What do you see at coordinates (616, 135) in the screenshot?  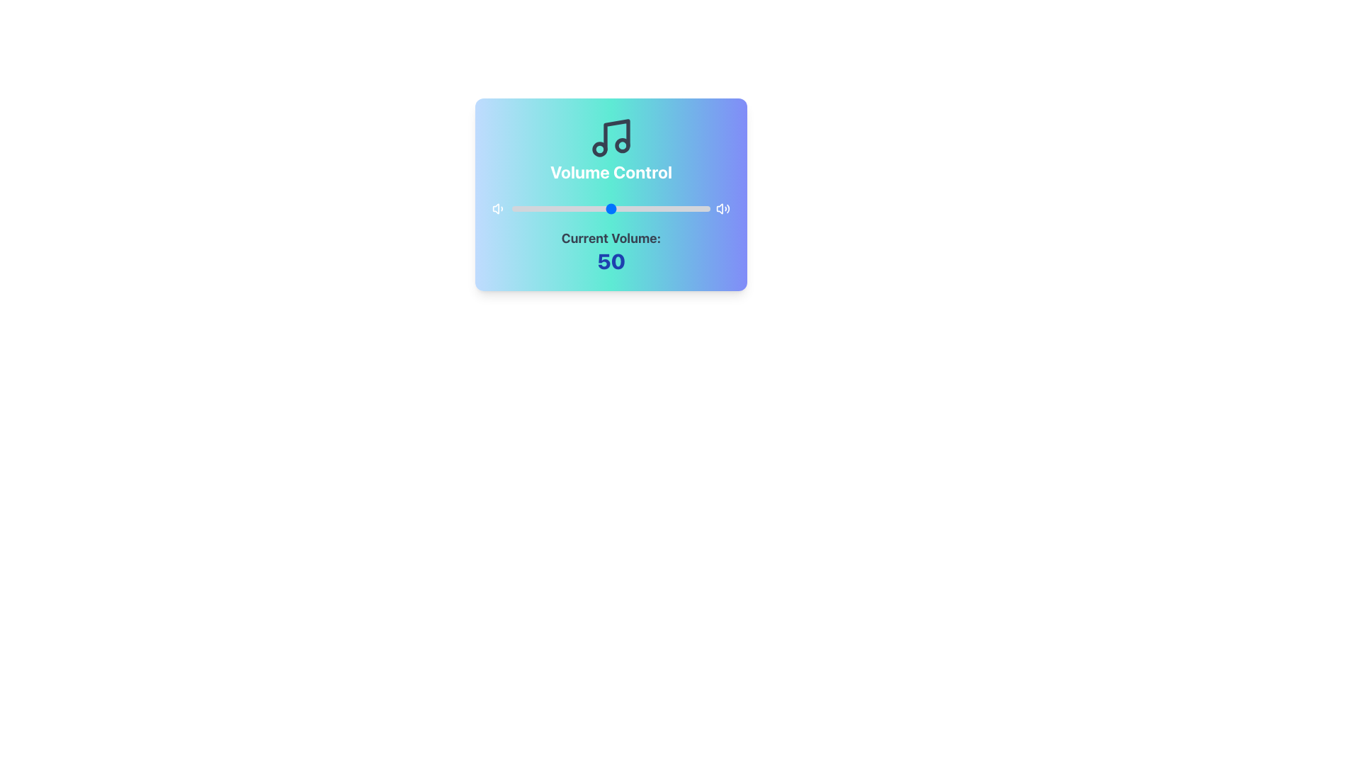 I see `the stylized music note icon located at the center-top of the volume control card layout` at bounding box center [616, 135].